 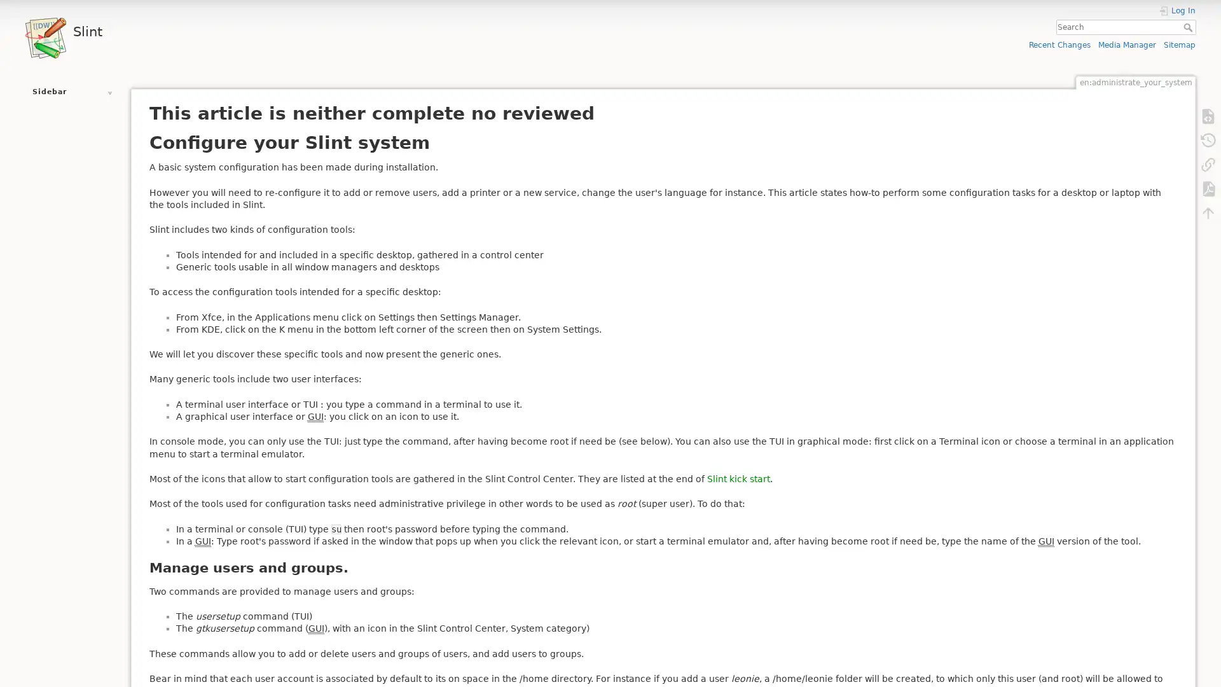 I want to click on Search, so click(x=1189, y=27).